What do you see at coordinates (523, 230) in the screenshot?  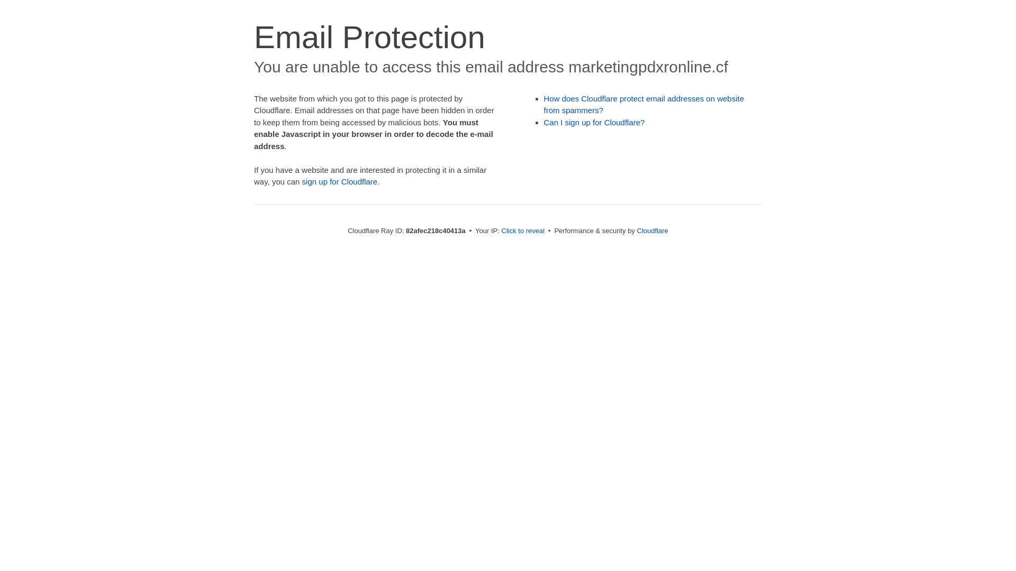 I see `'Click to reveal'` at bounding box center [523, 230].